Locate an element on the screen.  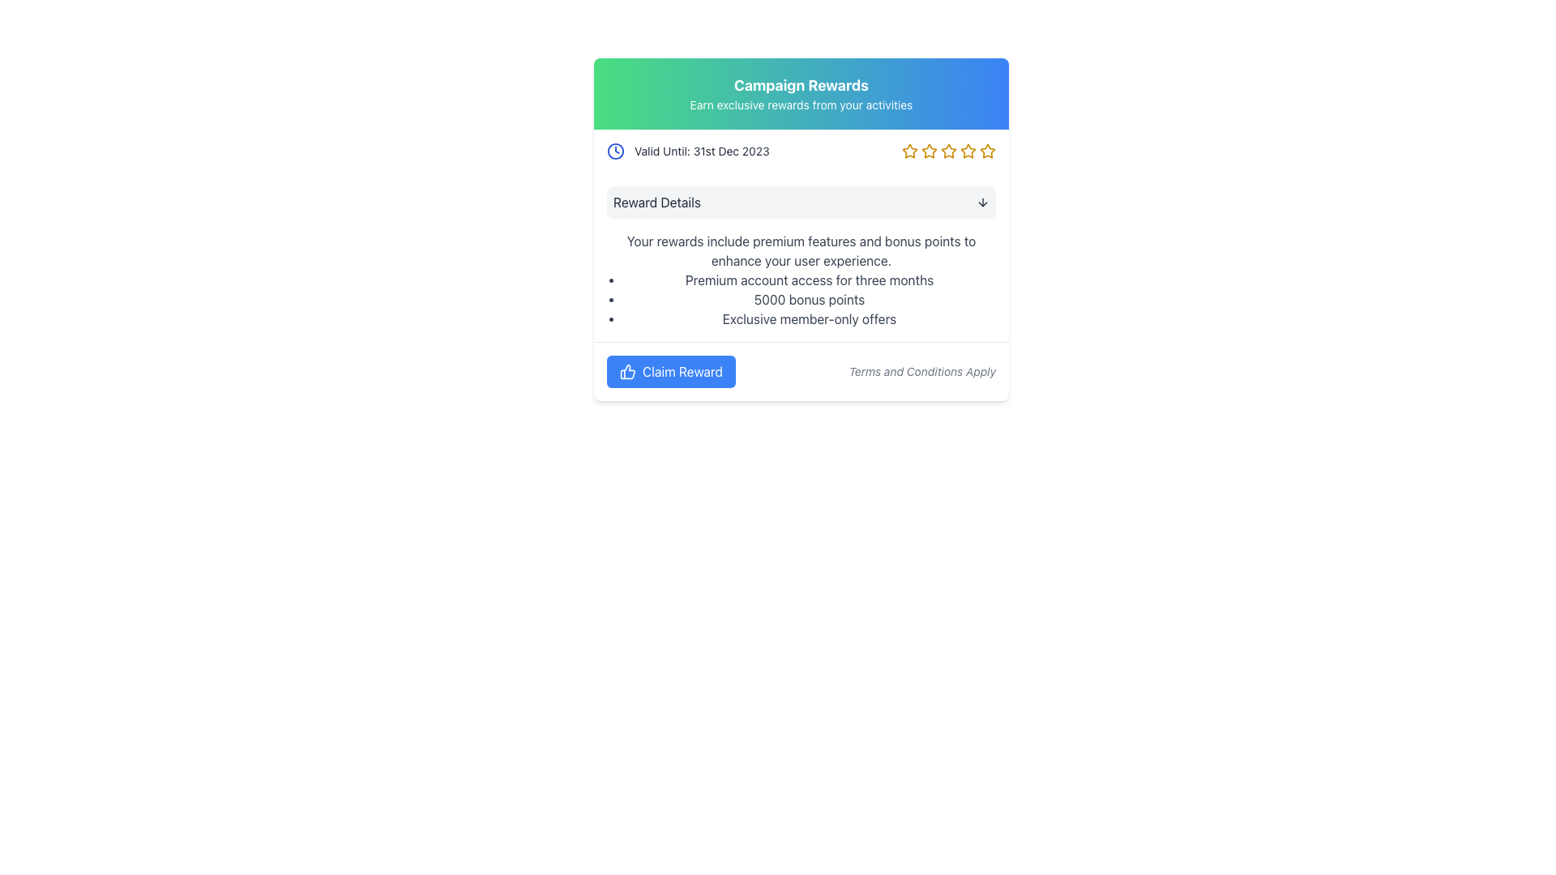
the text label displaying '5000 bonus points' located in the 'Reward Details' section of the card is located at coordinates (809, 300).